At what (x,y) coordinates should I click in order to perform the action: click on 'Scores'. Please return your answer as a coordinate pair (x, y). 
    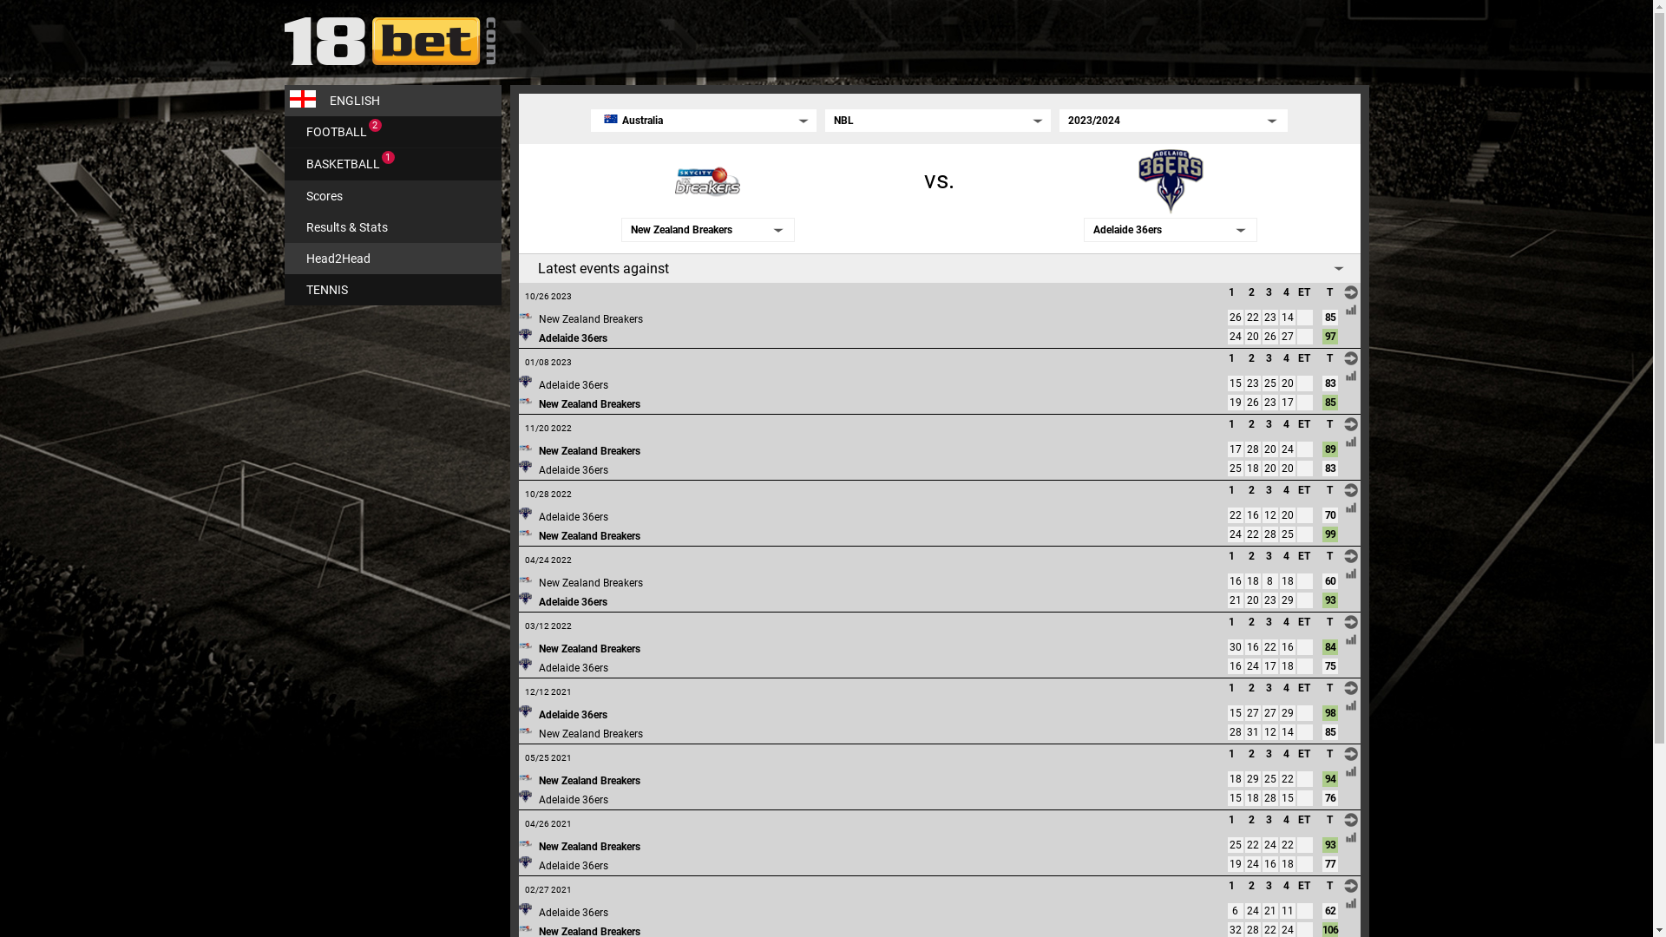
    Looking at the image, I should click on (391, 195).